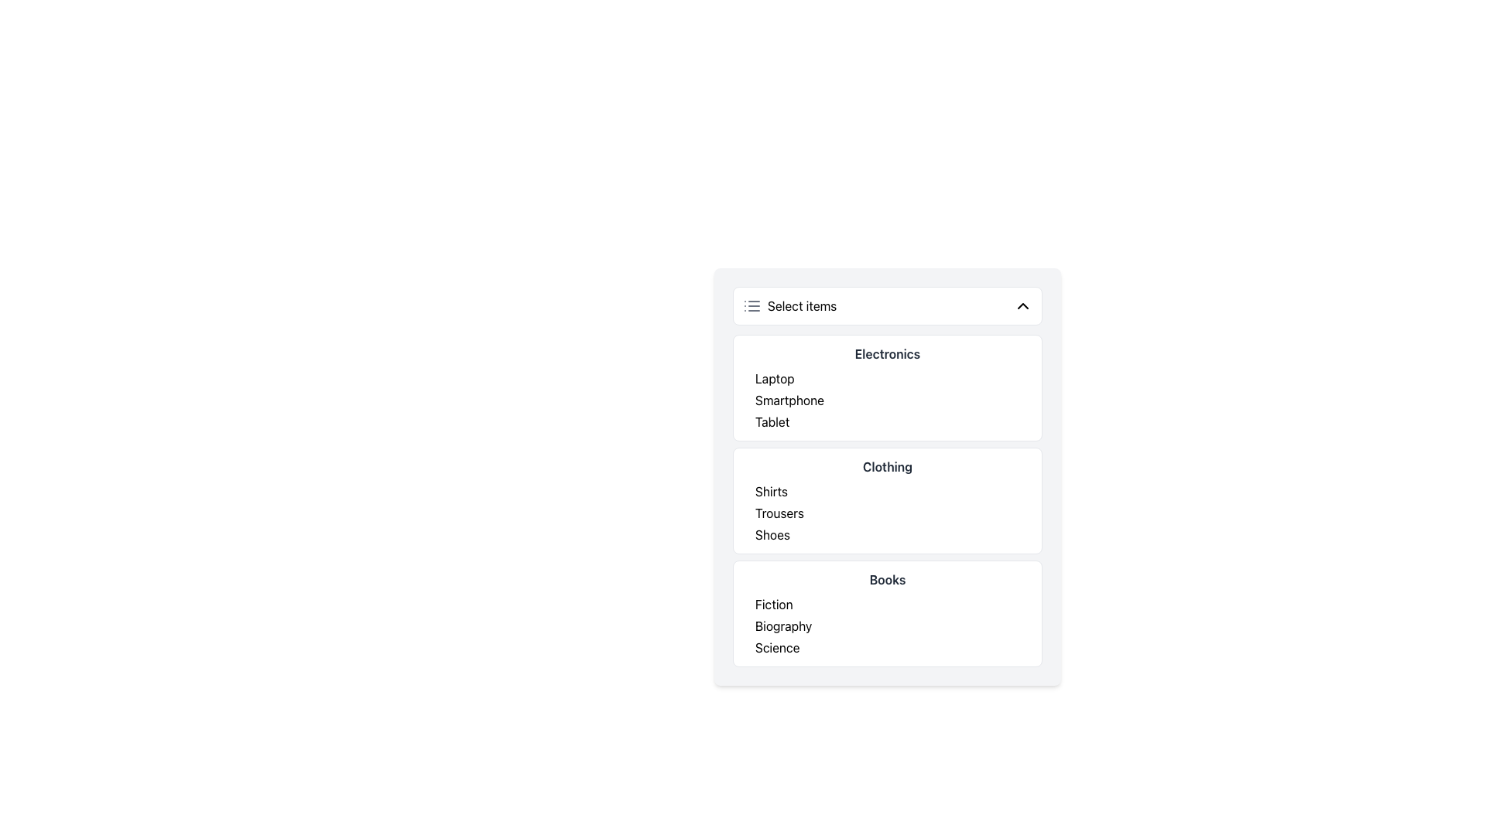  What do you see at coordinates (888, 613) in the screenshot?
I see `the subcategories 'Fiction', 'Biography', or 'Science' in the 'Books' category card, which is a white rectangular card with rounded corners located in the bottom part of the dropdown menu` at bounding box center [888, 613].